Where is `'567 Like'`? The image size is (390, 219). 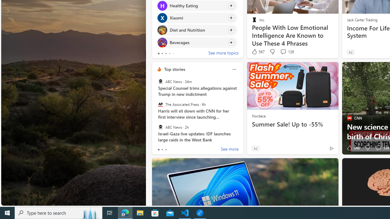
'567 Like' is located at coordinates (258, 51).